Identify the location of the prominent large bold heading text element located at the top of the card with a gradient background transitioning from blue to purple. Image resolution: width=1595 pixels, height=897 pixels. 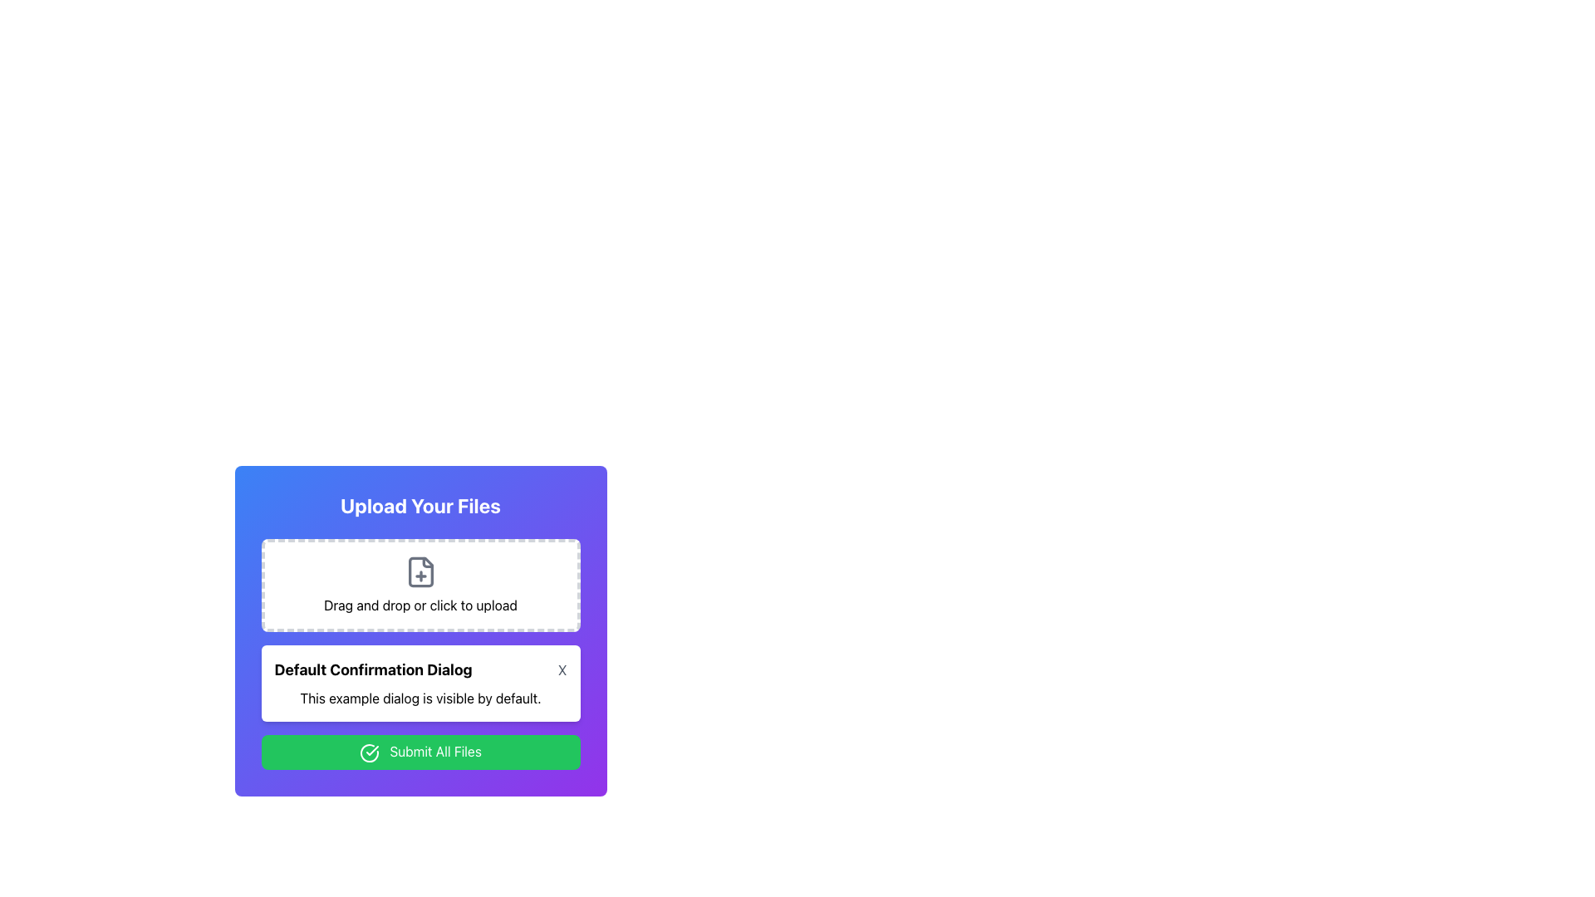
(420, 505).